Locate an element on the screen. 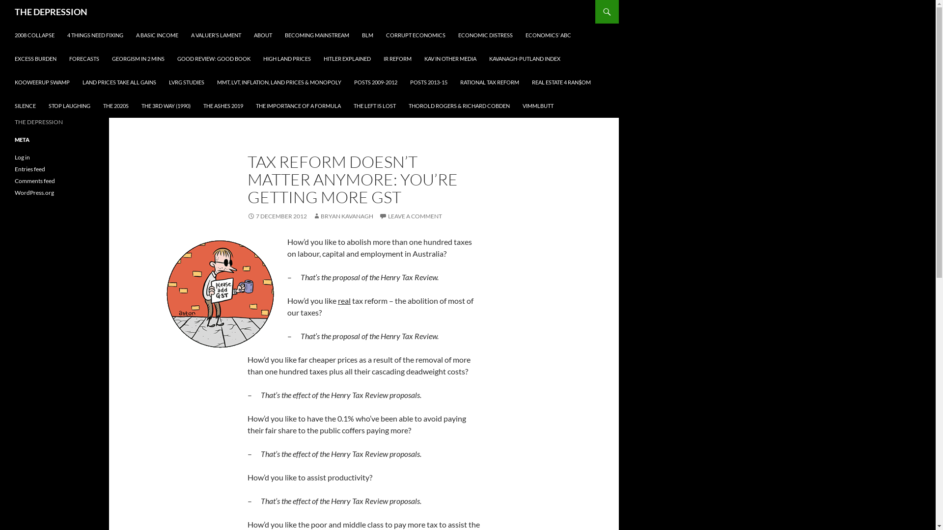 This screenshot has width=943, height=530. 'POSTS 2013-15' is located at coordinates (429, 82).